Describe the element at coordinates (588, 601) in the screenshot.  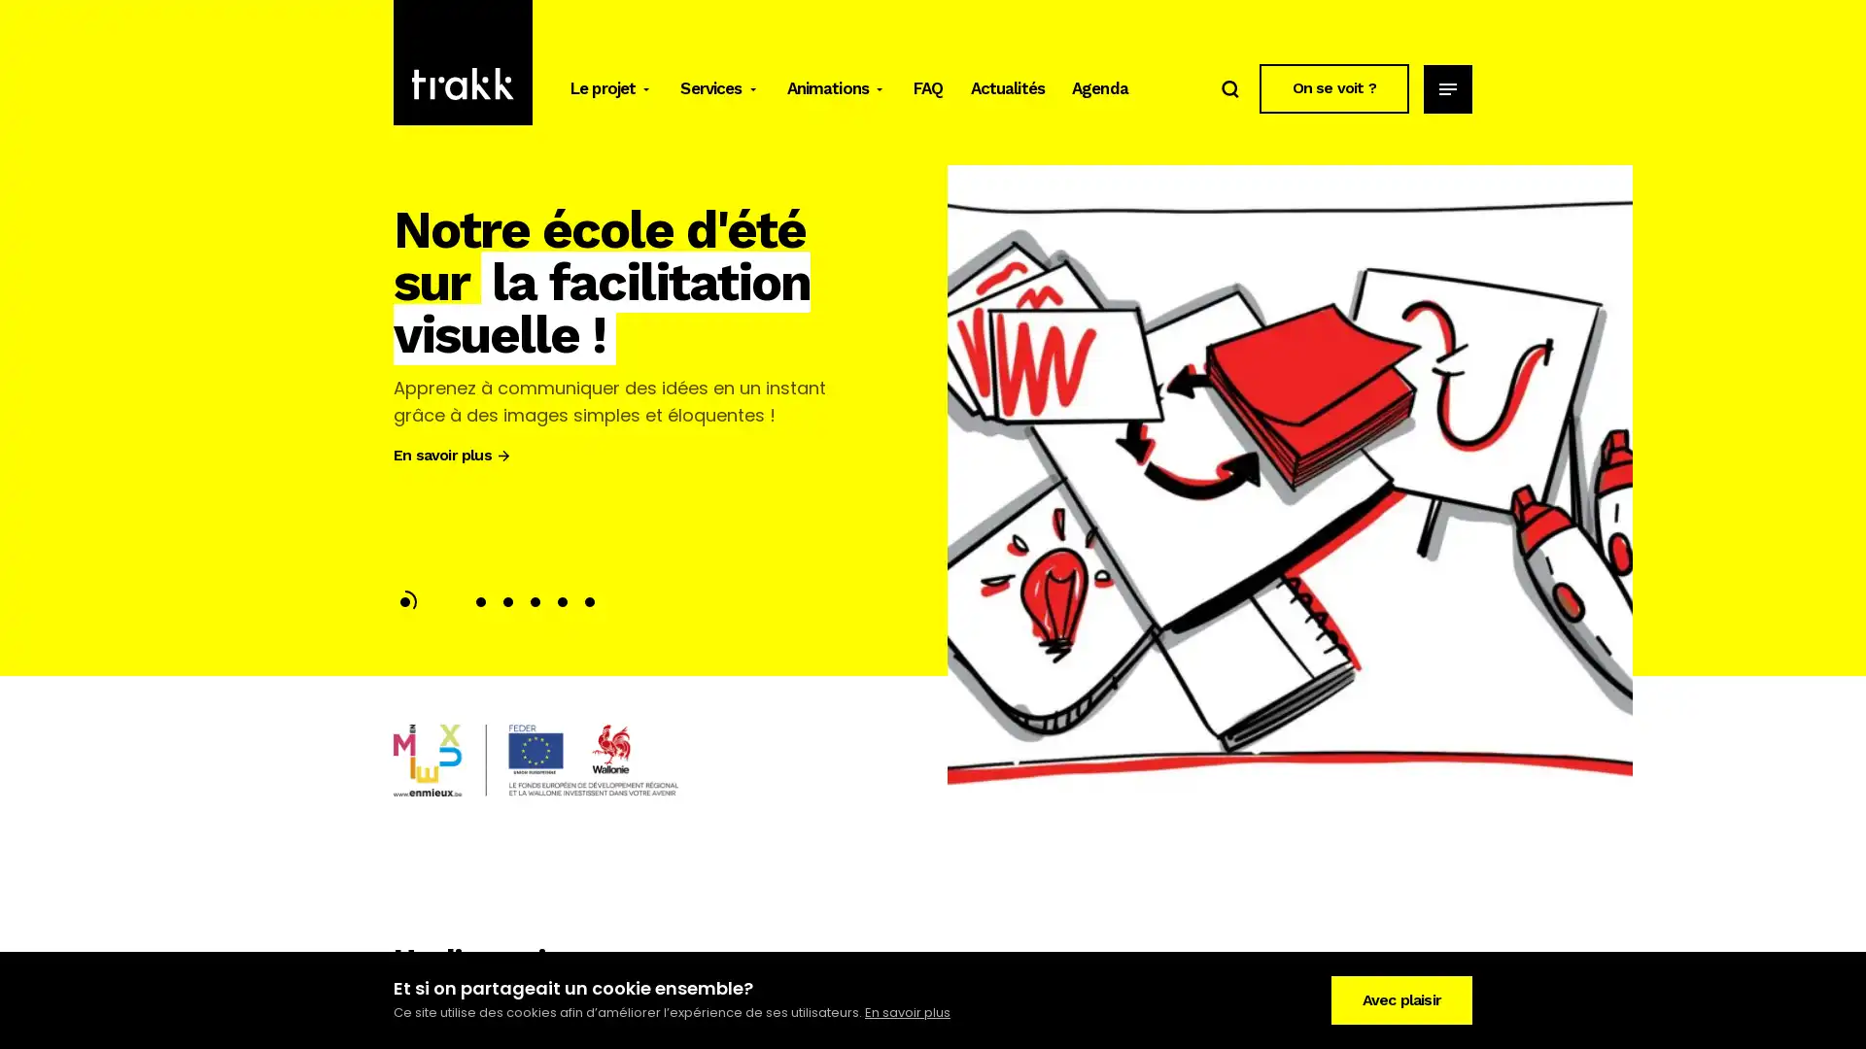
I see `Slide 6` at that location.